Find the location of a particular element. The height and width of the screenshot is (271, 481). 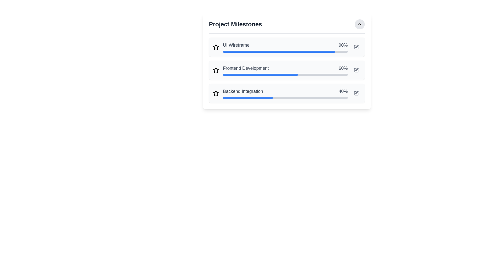

the editing icon represented by a pen or pencil located at the top-right corner of the 'UI Wireframe' milestone progress bar is located at coordinates (356, 46).